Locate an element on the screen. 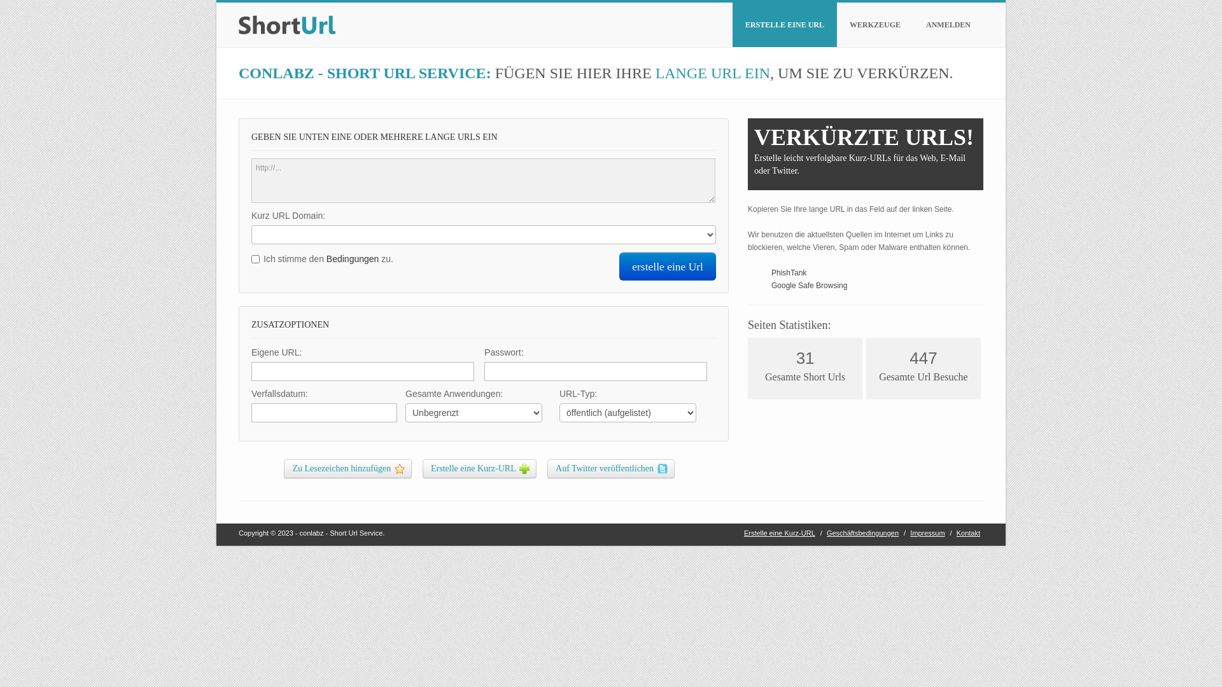 This screenshot has width=1222, height=687. 'Bedingungen' is located at coordinates (353, 258).